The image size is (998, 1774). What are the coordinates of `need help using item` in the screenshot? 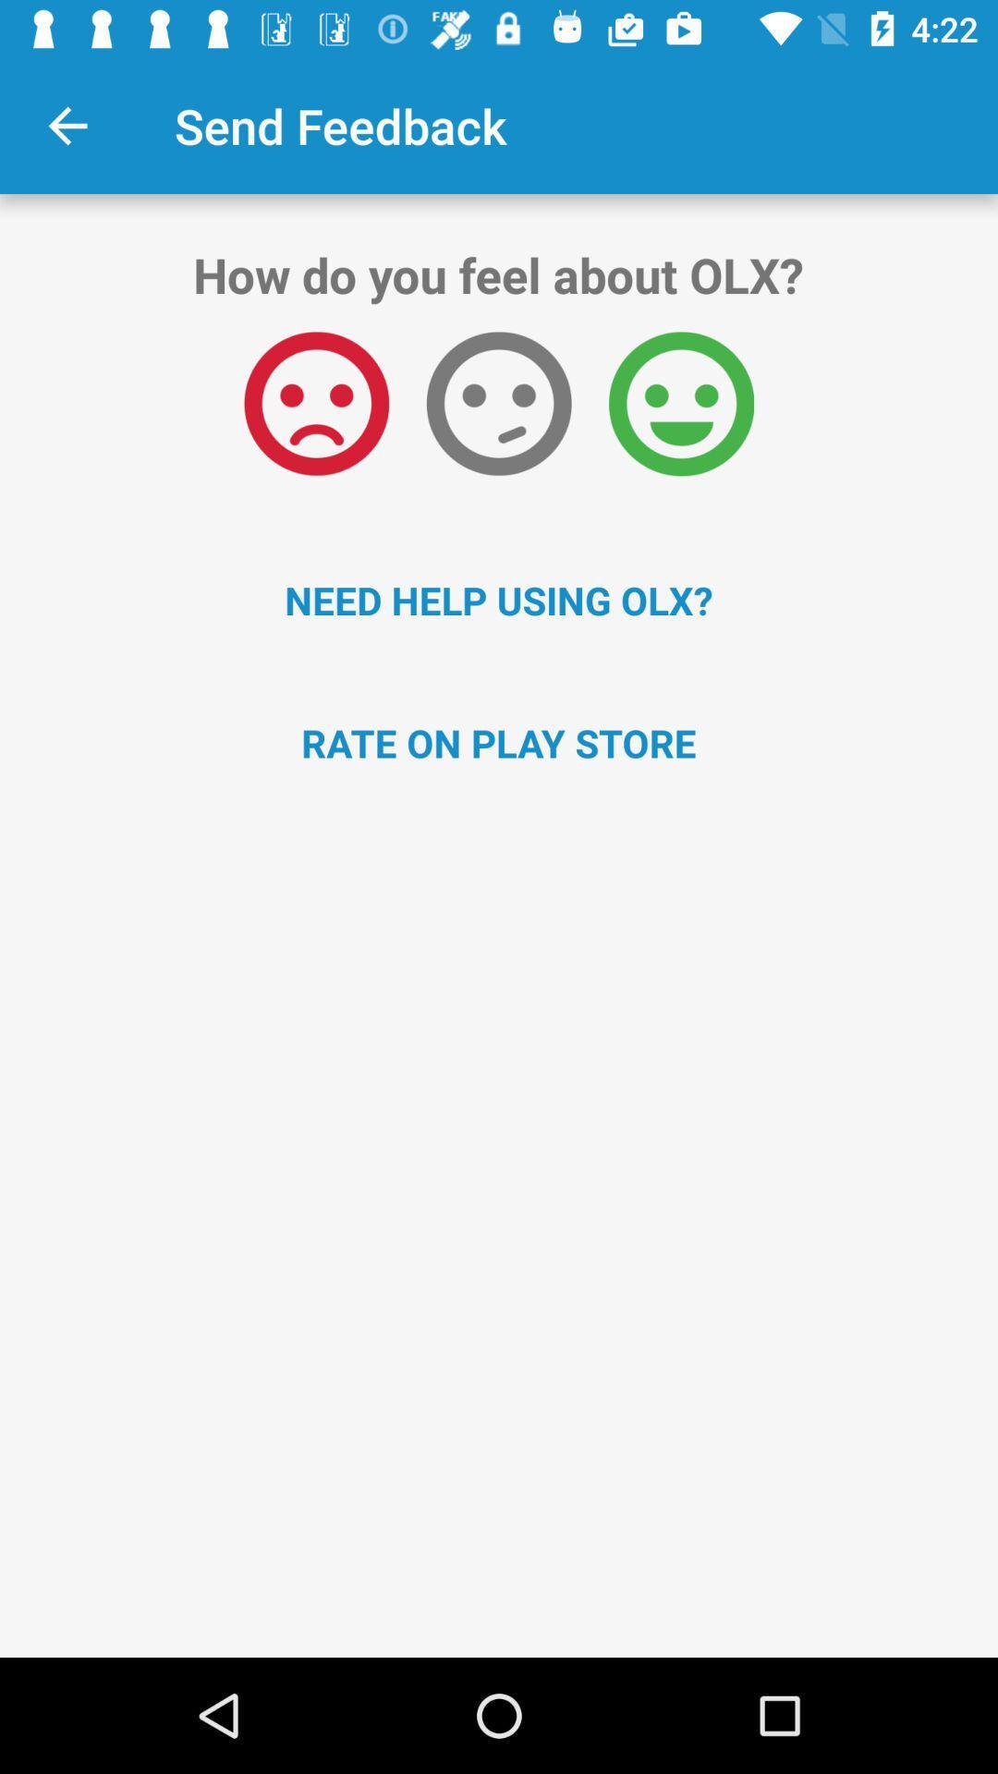 It's located at (499, 600).